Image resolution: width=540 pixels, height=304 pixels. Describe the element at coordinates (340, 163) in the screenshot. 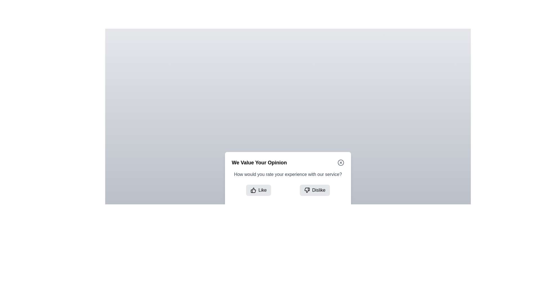

I see `the close button to close the dialog` at that location.